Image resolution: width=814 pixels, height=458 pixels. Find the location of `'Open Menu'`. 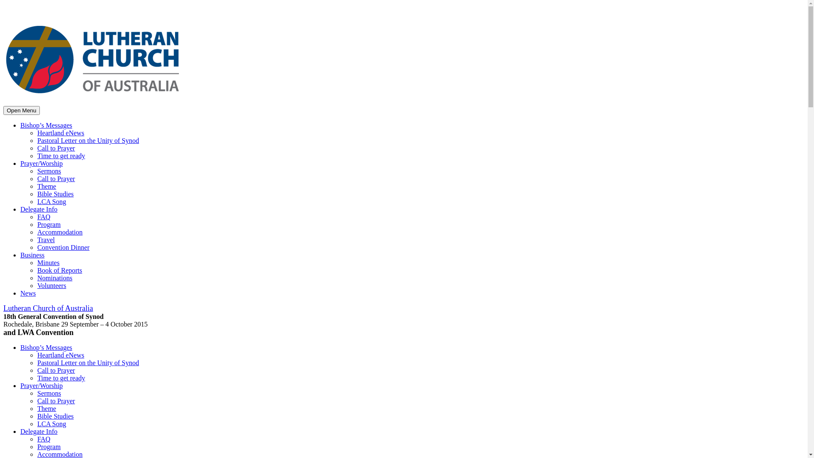

'Open Menu' is located at coordinates (3, 110).